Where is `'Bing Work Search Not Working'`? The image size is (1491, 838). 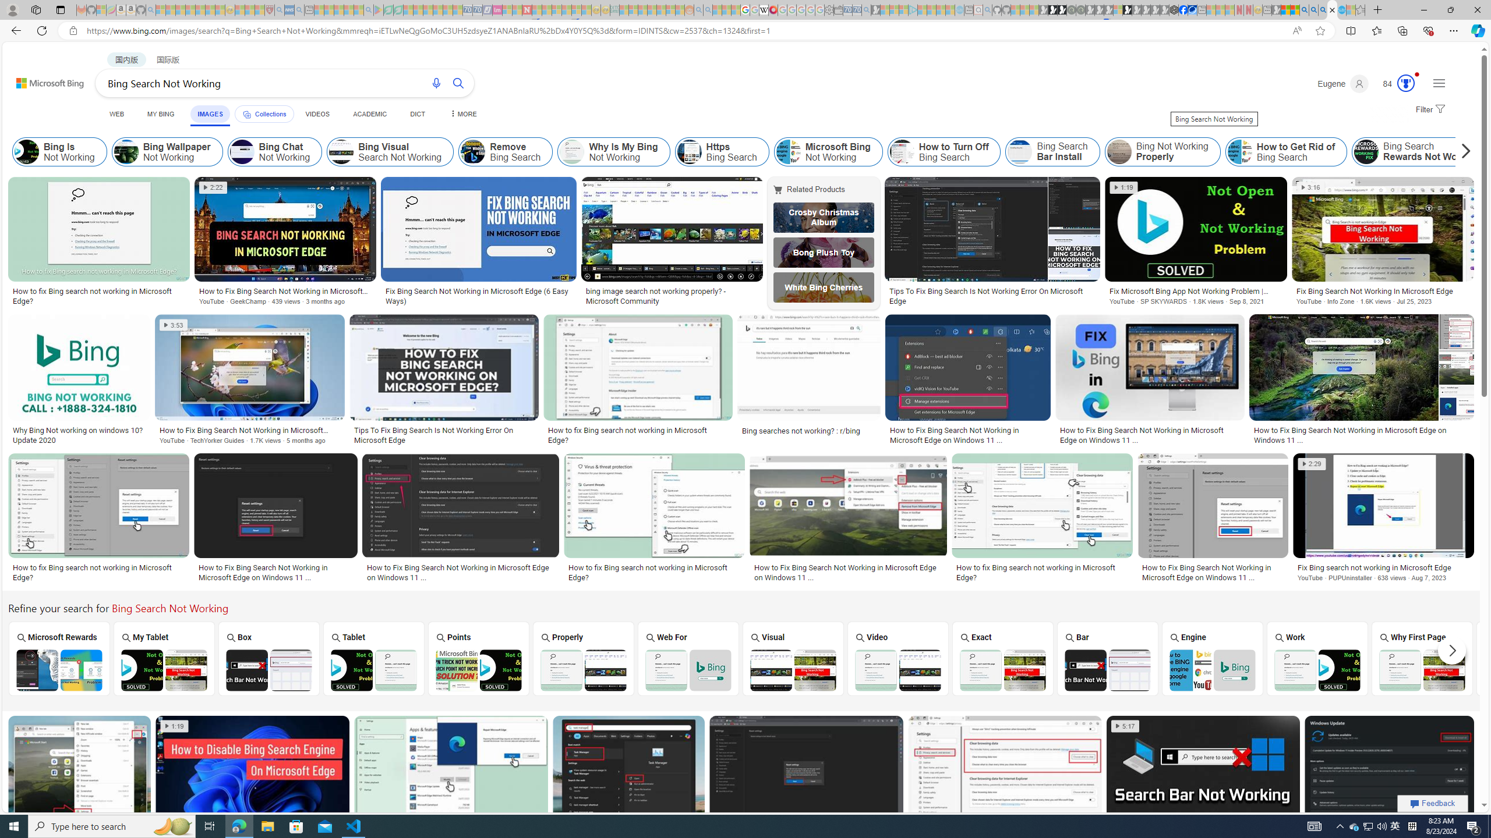
'Bing Work Search Not Working' is located at coordinates (1317, 670).